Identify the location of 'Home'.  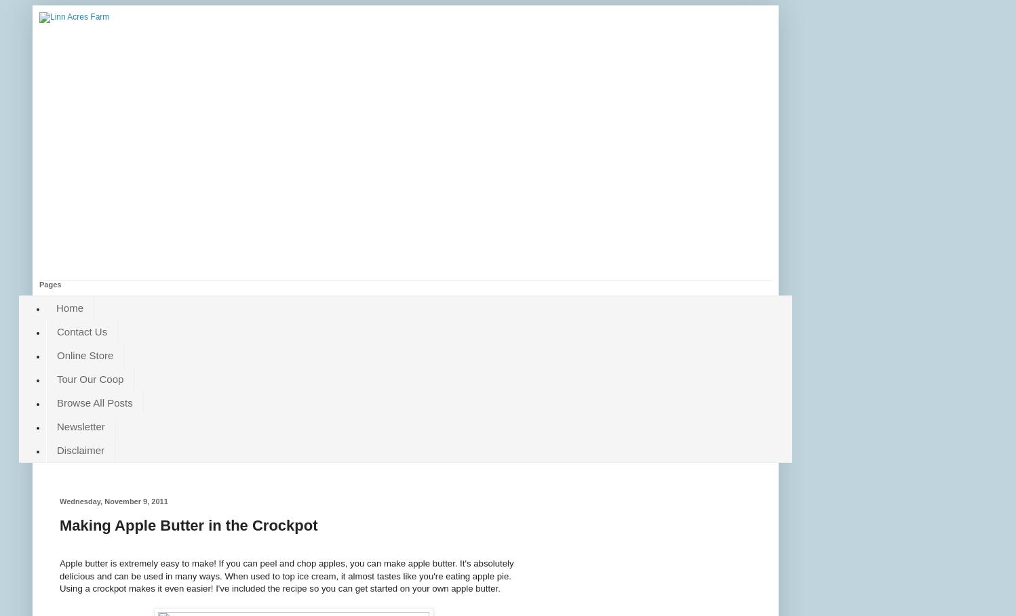
(69, 307).